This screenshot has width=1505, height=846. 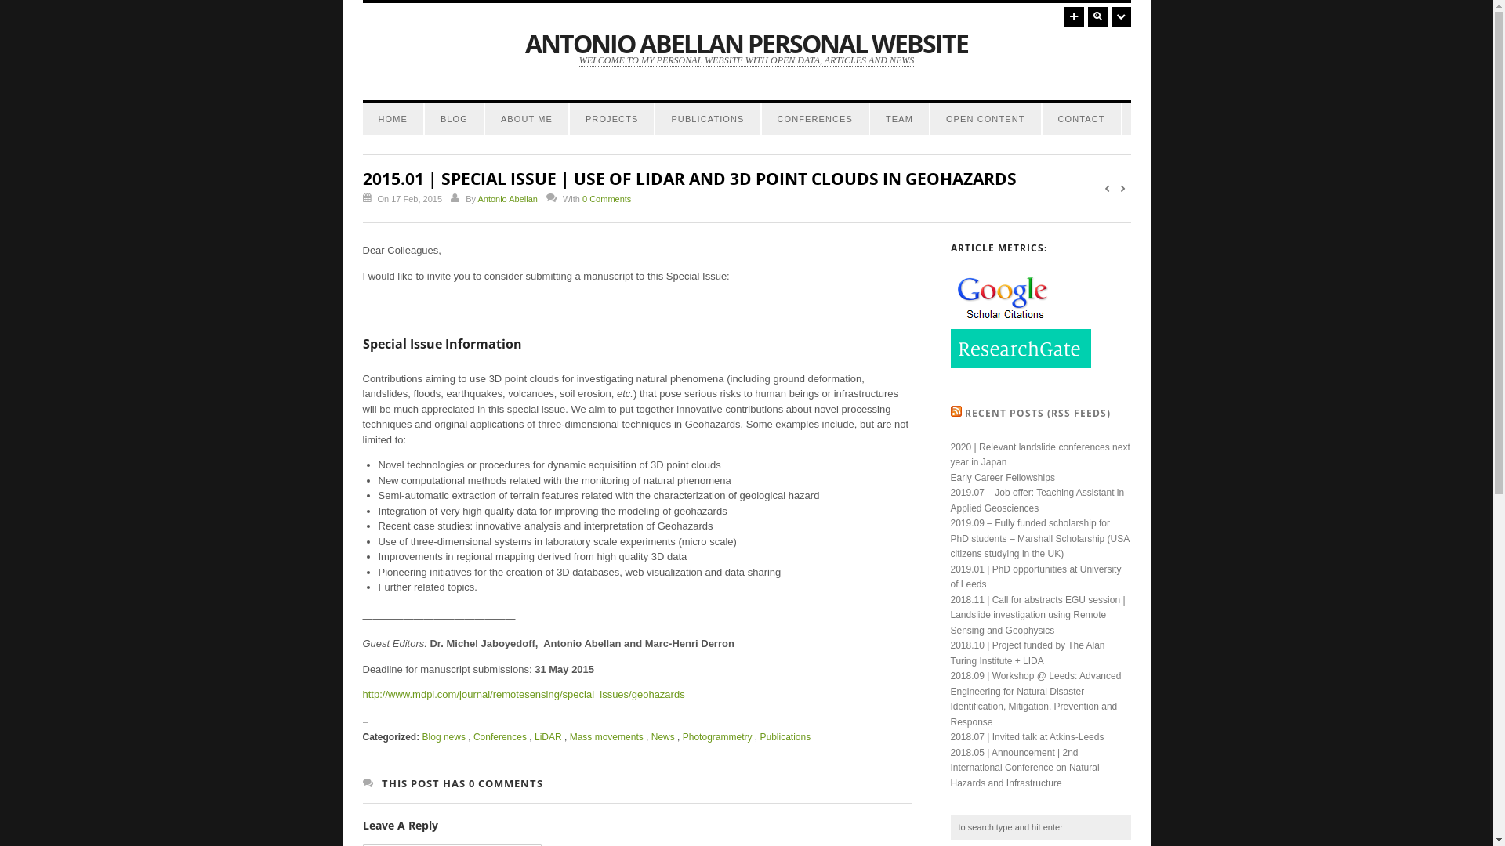 What do you see at coordinates (1027, 653) in the screenshot?
I see `'2018.10 | Project funded by The Alan Turing Institute + LIDA'` at bounding box center [1027, 653].